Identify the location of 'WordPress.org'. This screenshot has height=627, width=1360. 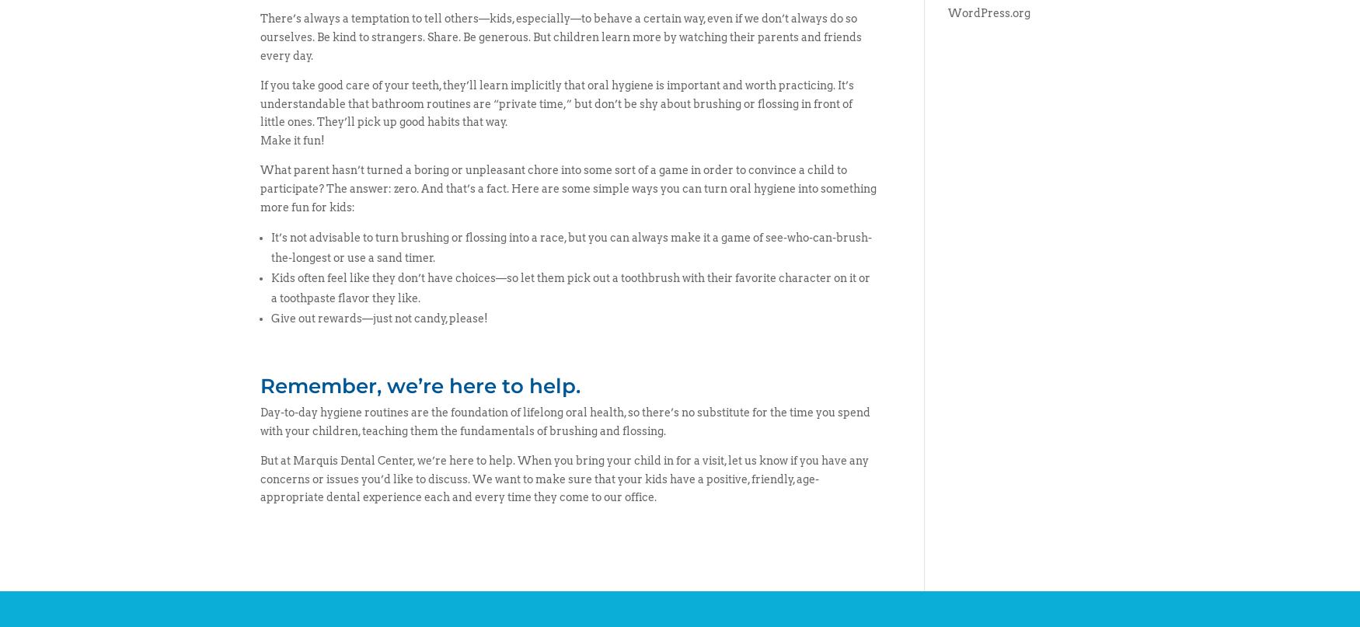
(988, 13).